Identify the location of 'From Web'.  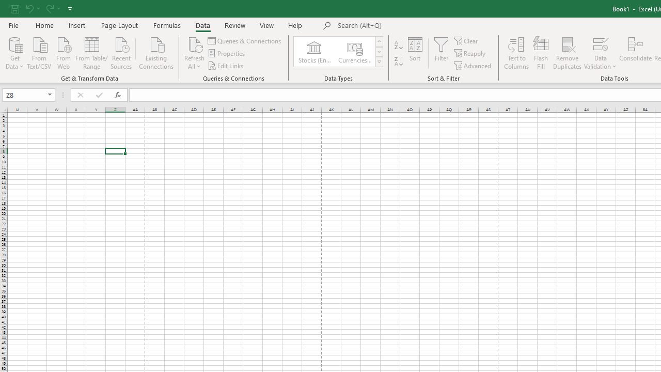
(62, 52).